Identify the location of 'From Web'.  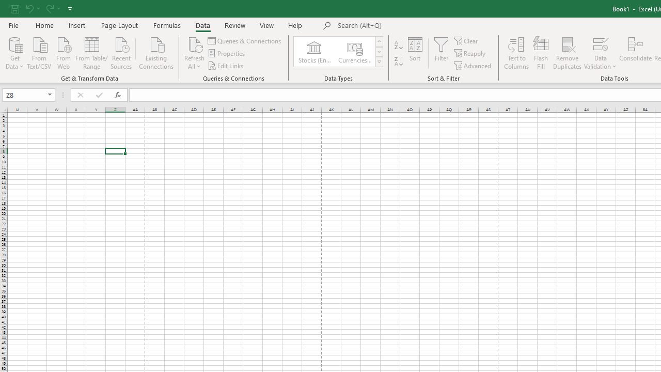
(62, 52).